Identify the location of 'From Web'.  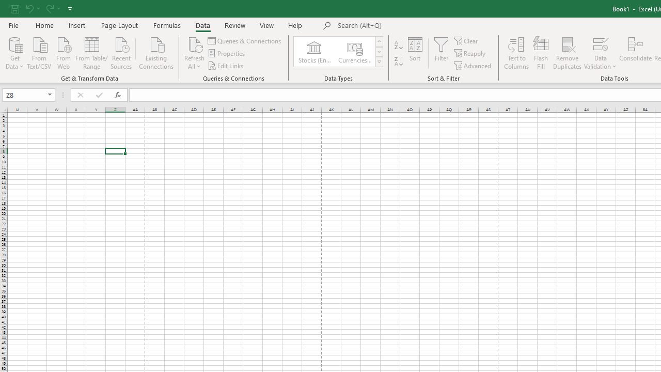
(62, 52).